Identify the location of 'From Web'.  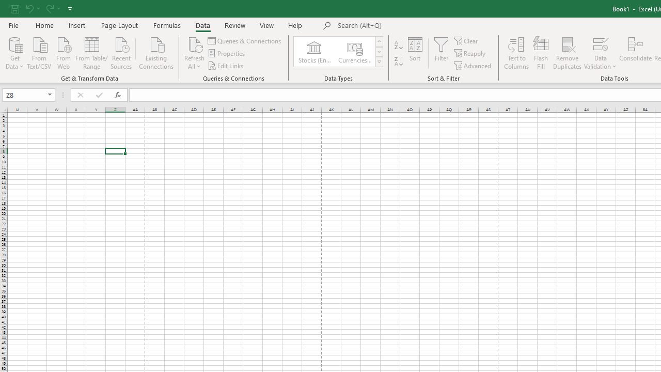
(62, 52).